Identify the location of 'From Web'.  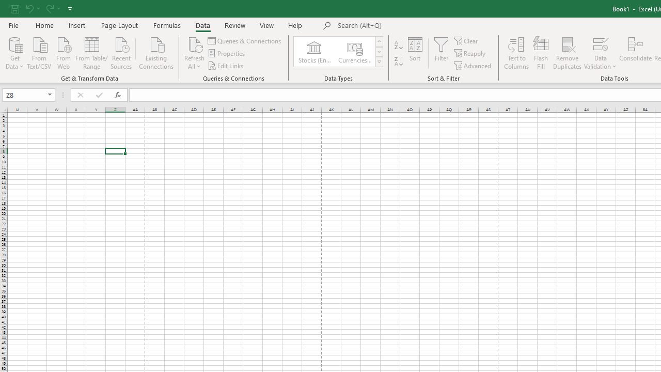
(62, 52).